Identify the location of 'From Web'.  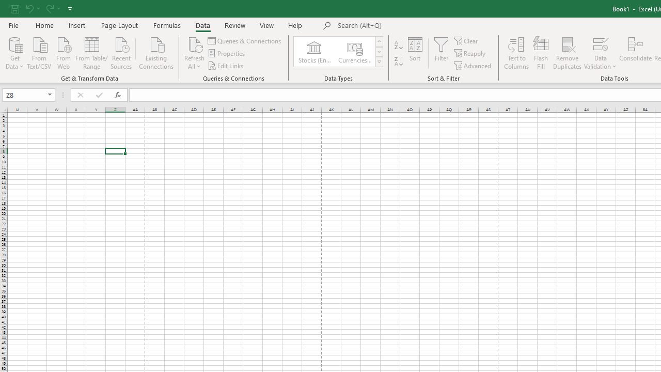
(62, 52).